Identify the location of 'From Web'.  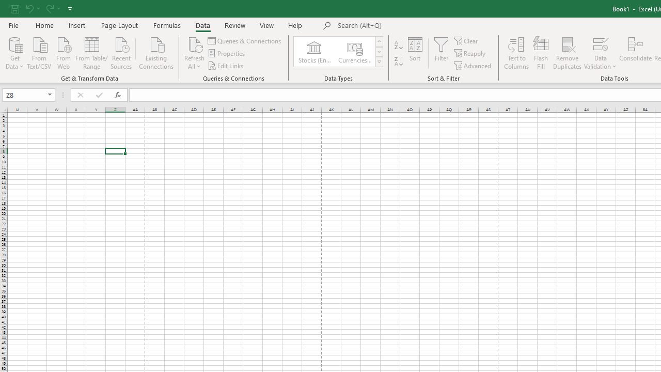
(62, 52).